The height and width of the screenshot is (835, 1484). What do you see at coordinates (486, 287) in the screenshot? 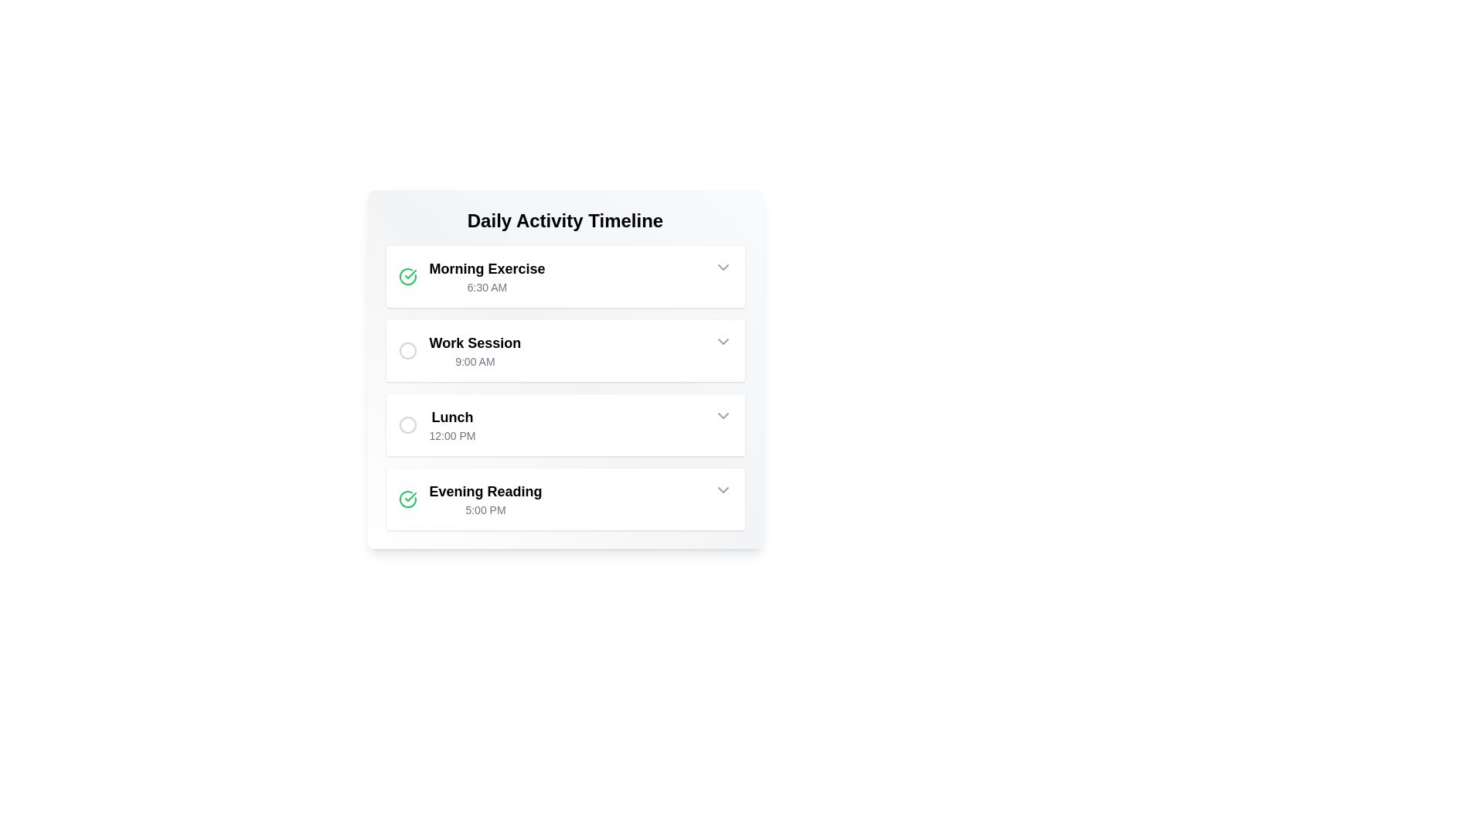
I see `the content of the Text Label displaying the scheduled time for the 'Morning Exercise' activity, located in the 'Morning Exercise' section beneath its title` at bounding box center [486, 287].